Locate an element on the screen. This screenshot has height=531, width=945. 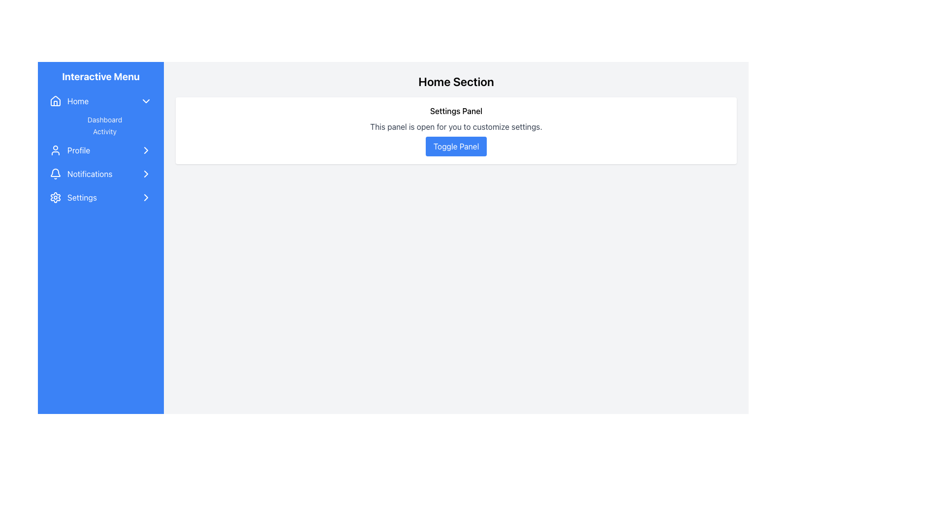
the right-facing arrow icon located at the far-right edge of the 'Profile' menu item is located at coordinates (146, 150).